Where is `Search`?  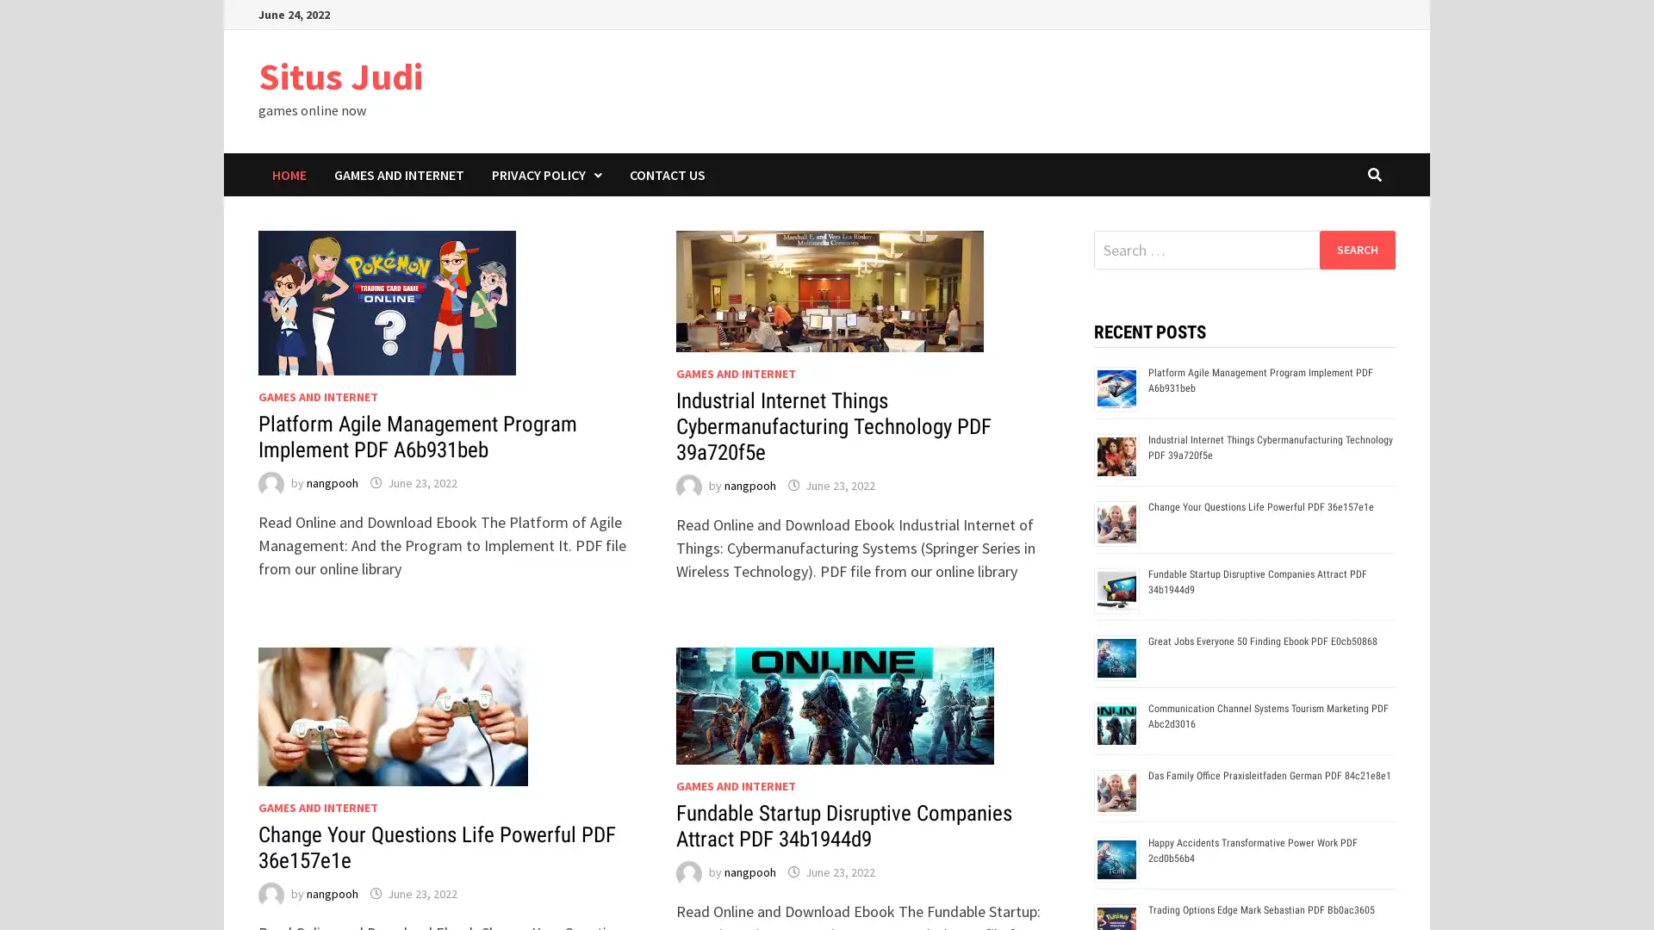 Search is located at coordinates (1356, 249).